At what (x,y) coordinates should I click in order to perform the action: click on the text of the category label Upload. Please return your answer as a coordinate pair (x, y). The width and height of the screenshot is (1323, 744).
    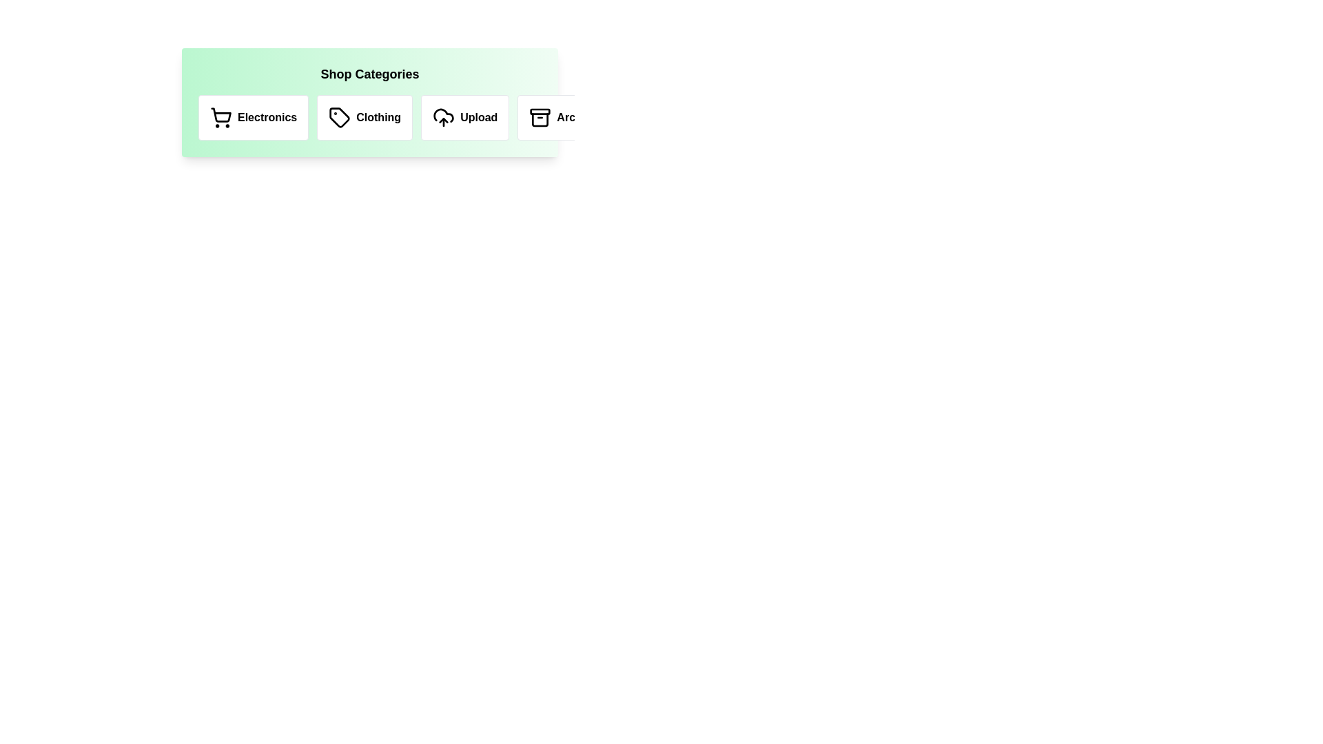
    Looking at the image, I should click on (465, 116).